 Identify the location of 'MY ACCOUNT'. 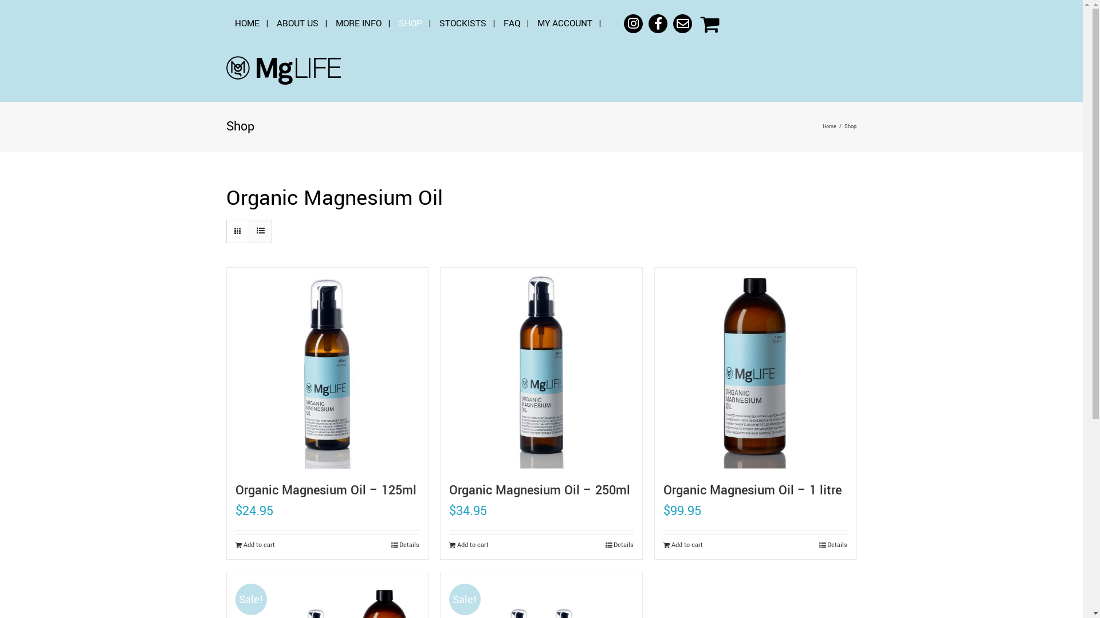
(564, 23).